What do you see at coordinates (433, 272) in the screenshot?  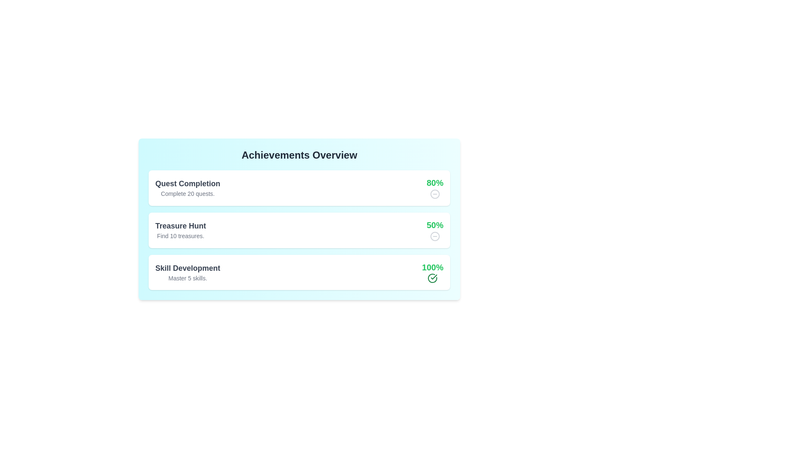 I see `the graphical label indicating task completion with '100%' and a green checkmark, located in the bottom-right corner of the 'Skill Development' card` at bounding box center [433, 272].